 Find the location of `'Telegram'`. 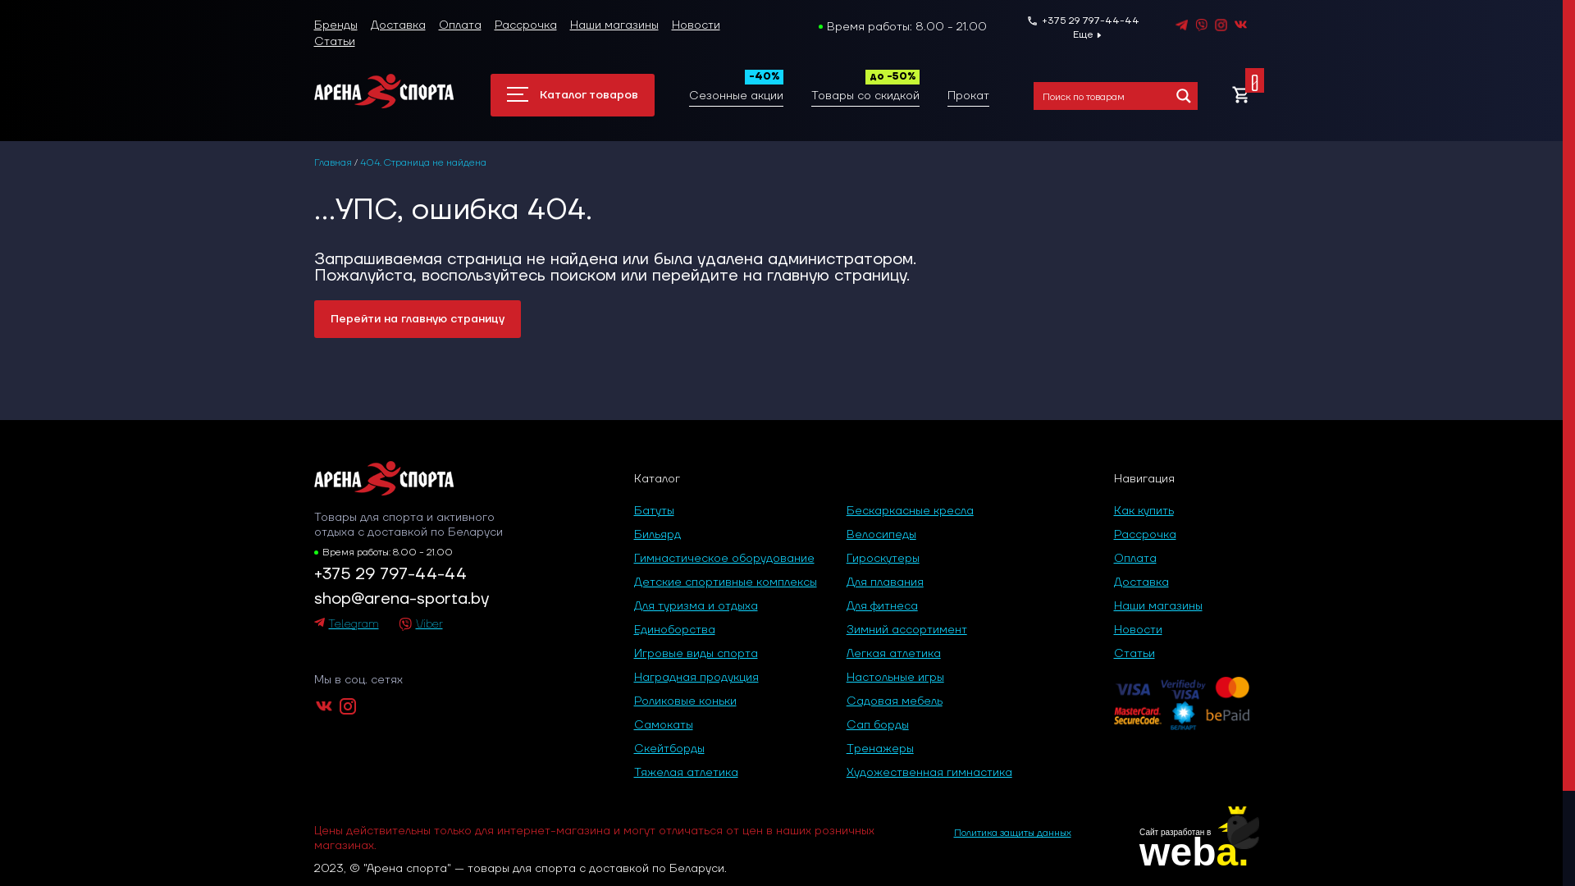

'Telegram' is located at coordinates (345, 624).